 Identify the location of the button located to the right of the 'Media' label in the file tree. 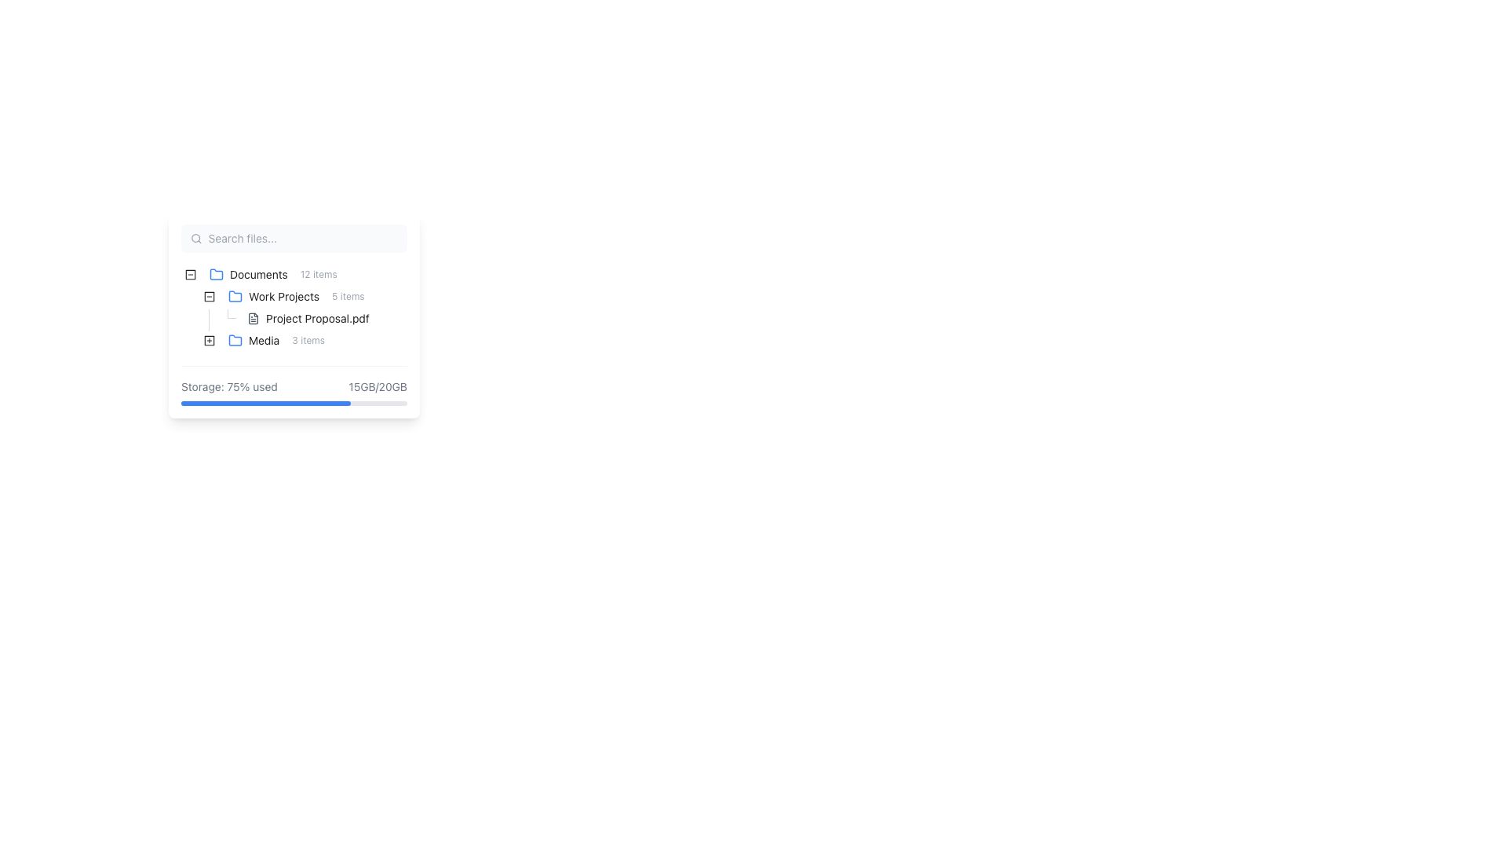
(209, 340).